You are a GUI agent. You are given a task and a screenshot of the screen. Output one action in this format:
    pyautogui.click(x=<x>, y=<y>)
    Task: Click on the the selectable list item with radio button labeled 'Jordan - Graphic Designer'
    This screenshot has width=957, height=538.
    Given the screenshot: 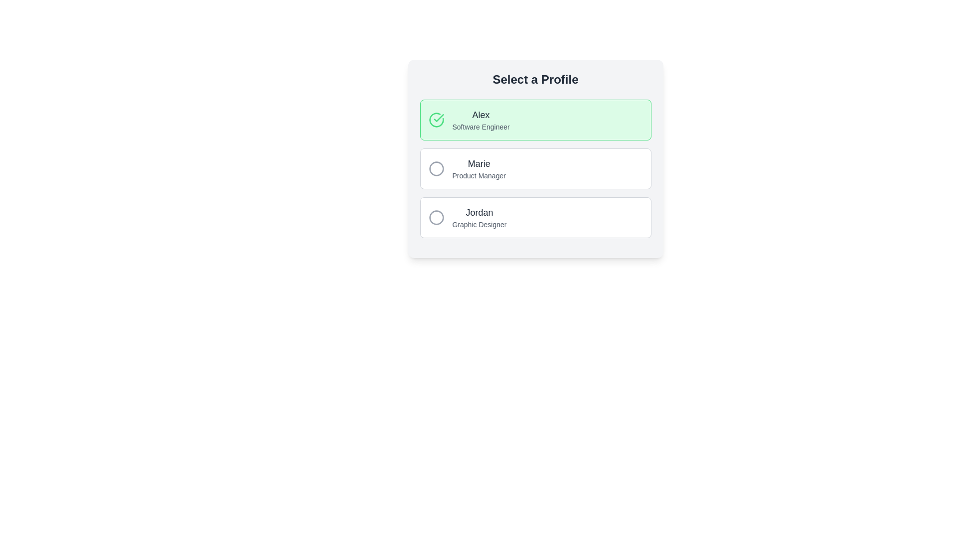 What is the action you would take?
    pyautogui.click(x=535, y=217)
    